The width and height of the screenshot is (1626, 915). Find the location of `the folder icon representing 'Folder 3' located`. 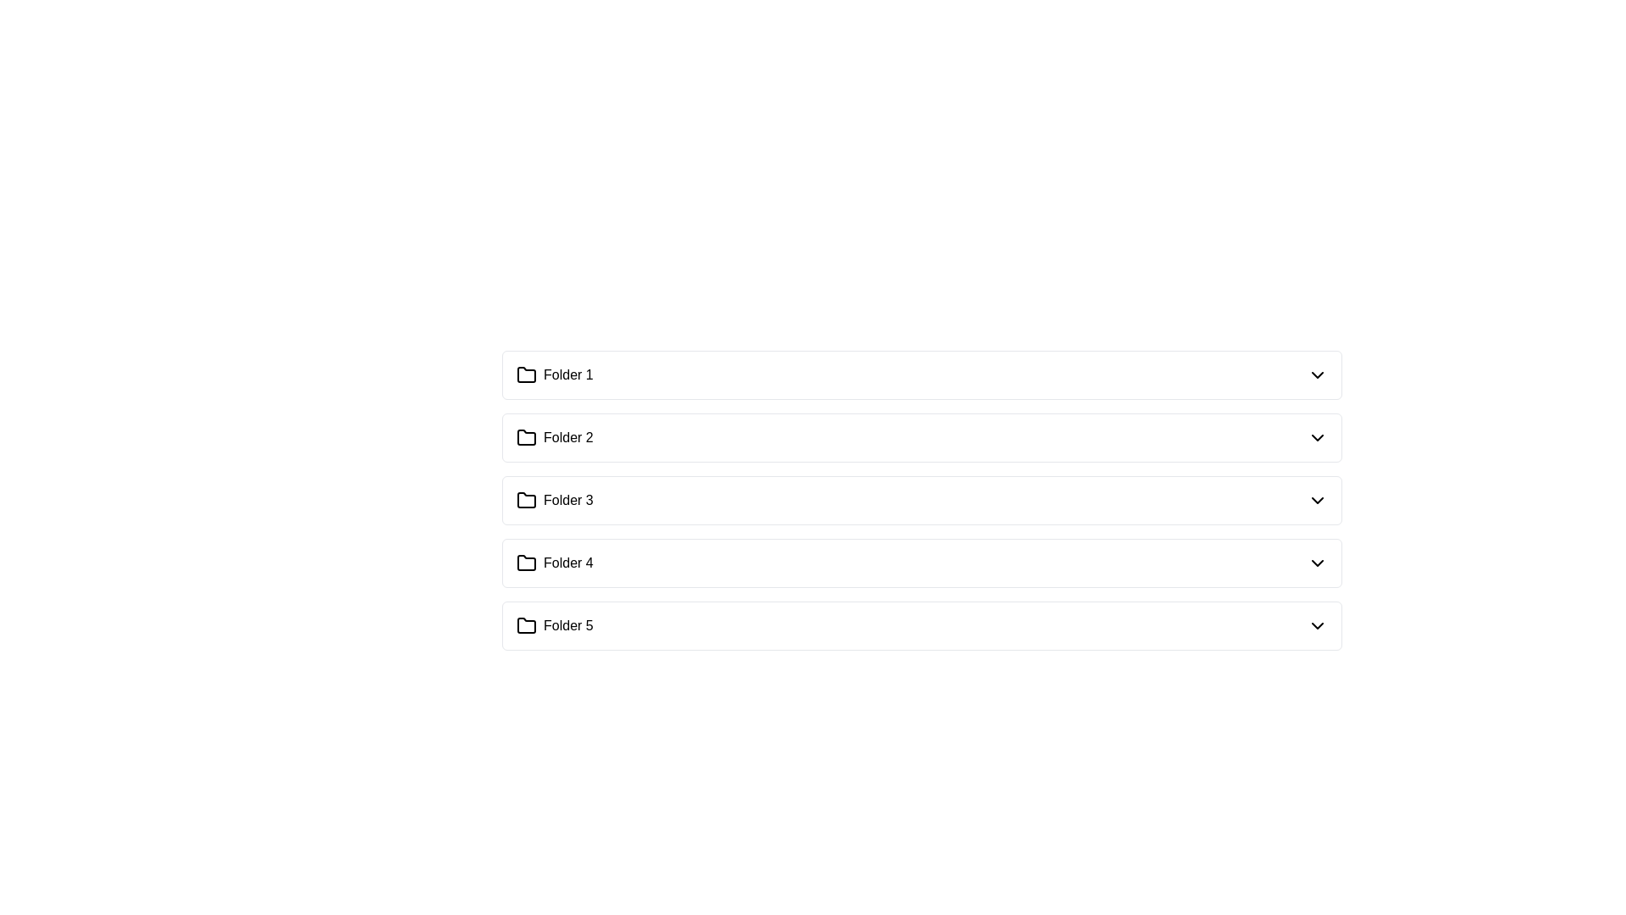

the folder icon representing 'Folder 3' located is located at coordinates (526, 499).